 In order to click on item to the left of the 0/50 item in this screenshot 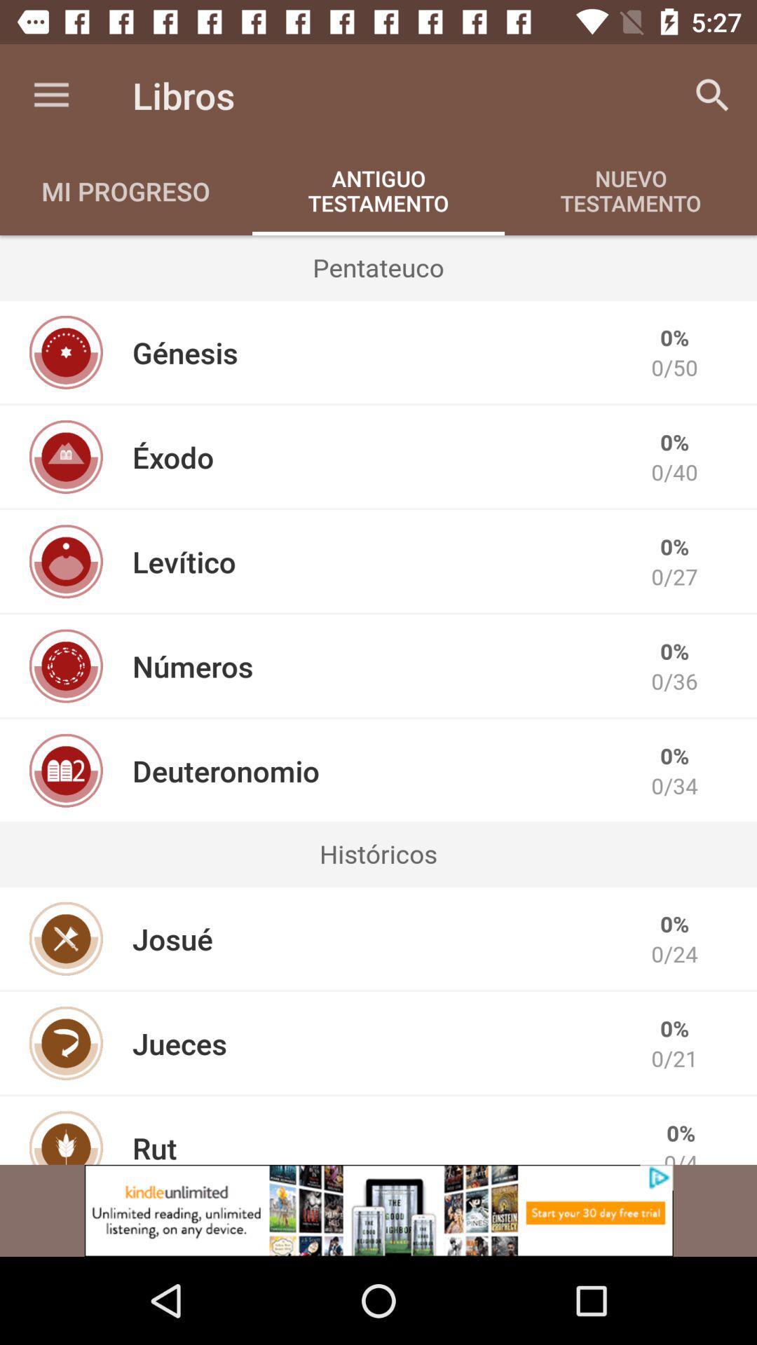, I will do `click(184, 352)`.